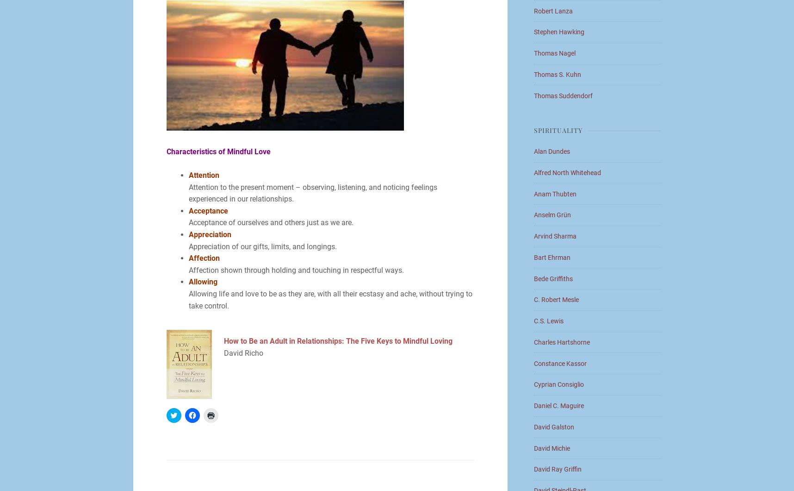 Image resolution: width=794 pixels, height=491 pixels. I want to click on 'Affection', so click(204, 258).